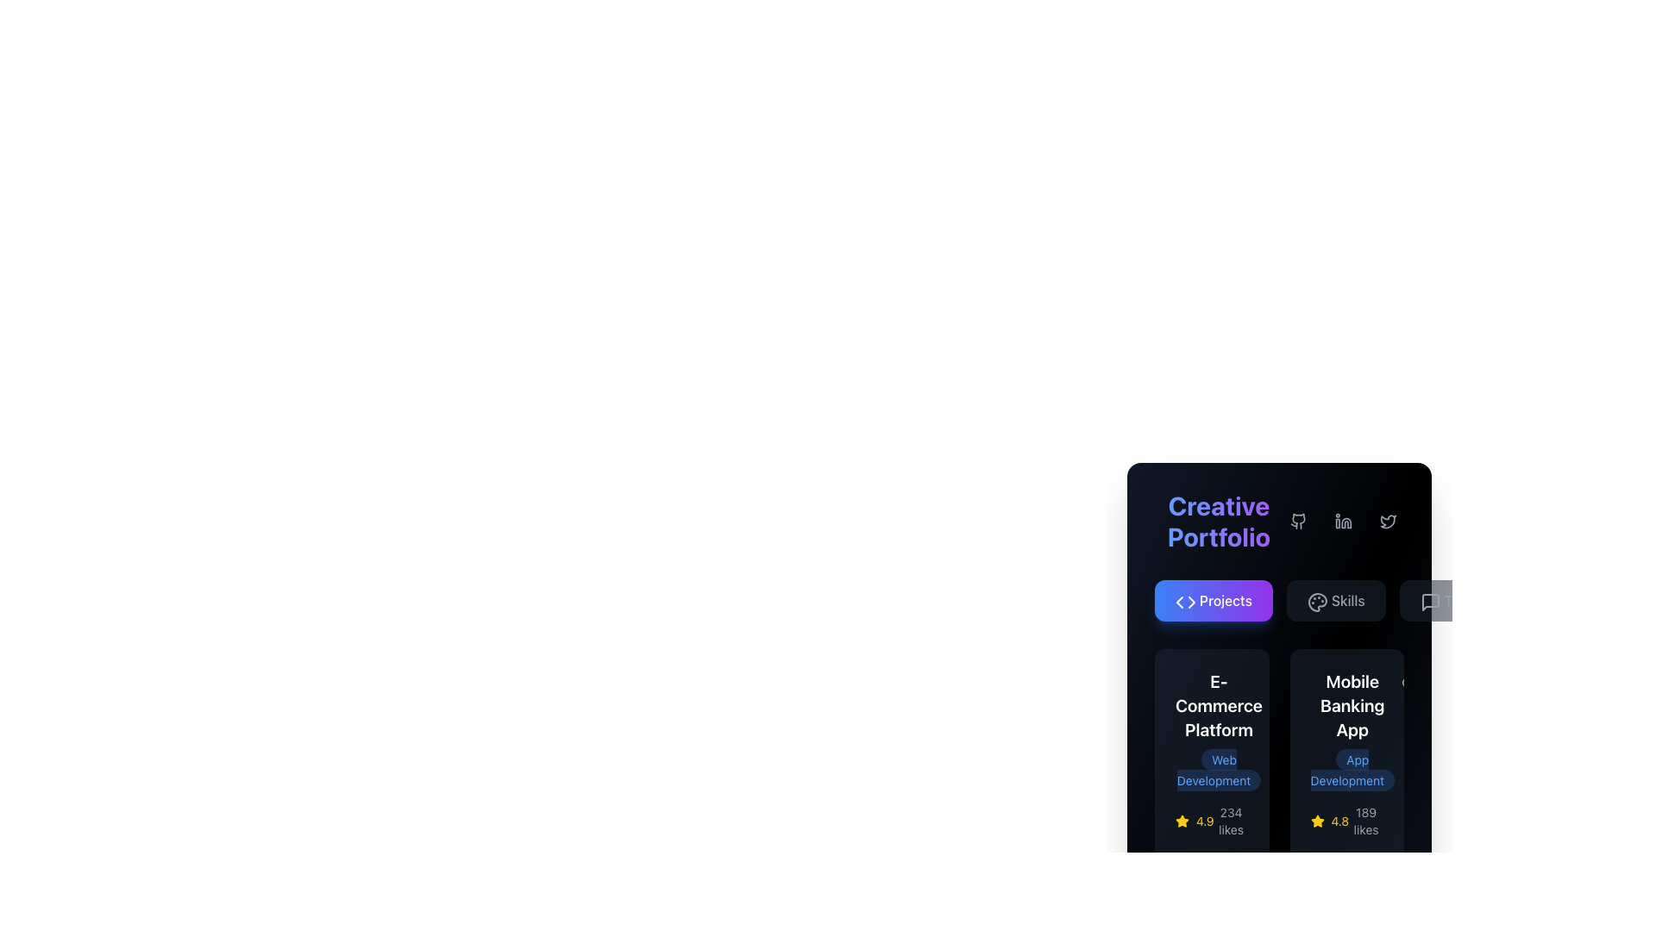  I want to click on the 'Projects' button which contains the left-pointing chevron arrow icon, displayed in white on a purple background, so click(1179, 601).